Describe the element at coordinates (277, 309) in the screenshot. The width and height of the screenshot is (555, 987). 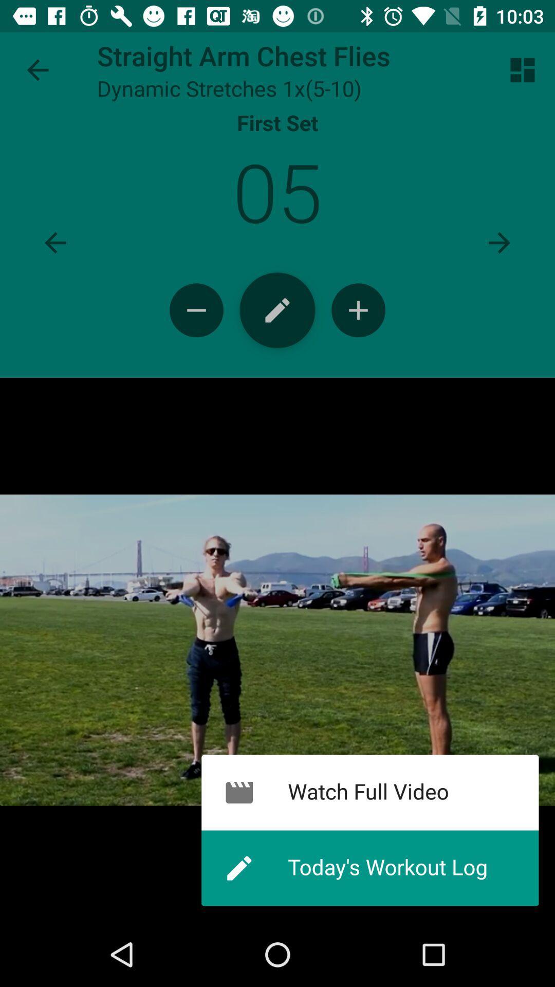
I see `write a note` at that location.